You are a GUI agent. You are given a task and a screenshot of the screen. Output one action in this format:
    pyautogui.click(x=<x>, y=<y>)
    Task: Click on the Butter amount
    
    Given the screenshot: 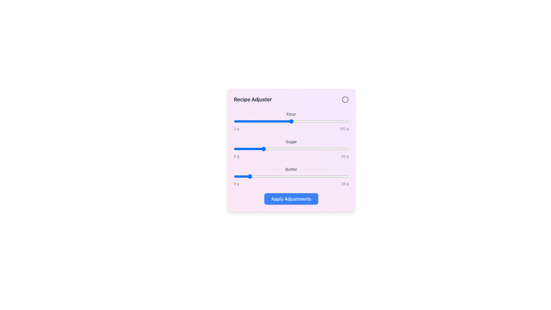 What is the action you would take?
    pyautogui.click(x=252, y=176)
    